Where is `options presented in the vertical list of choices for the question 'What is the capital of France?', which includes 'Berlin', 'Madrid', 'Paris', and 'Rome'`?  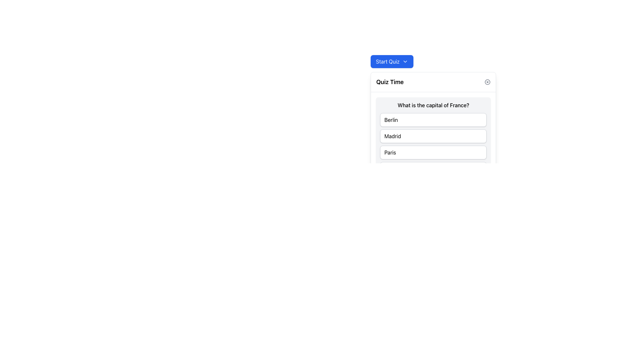
options presented in the vertical list of choices for the question 'What is the capital of France?', which includes 'Berlin', 'Madrid', 'Paris', and 'Rome' is located at coordinates (433, 144).